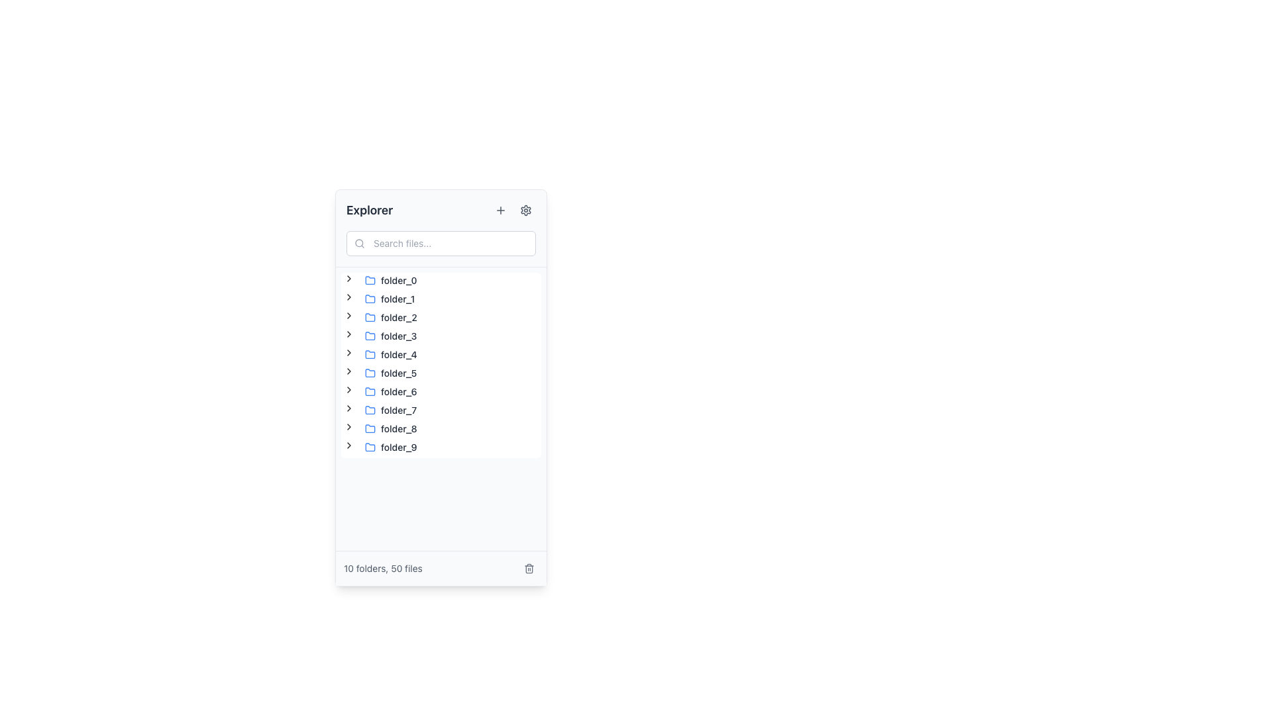  Describe the element at coordinates (390, 447) in the screenshot. I see `the 'folder_9' tree view node, which is represented by a blue folder icon and labeled with black text` at that location.